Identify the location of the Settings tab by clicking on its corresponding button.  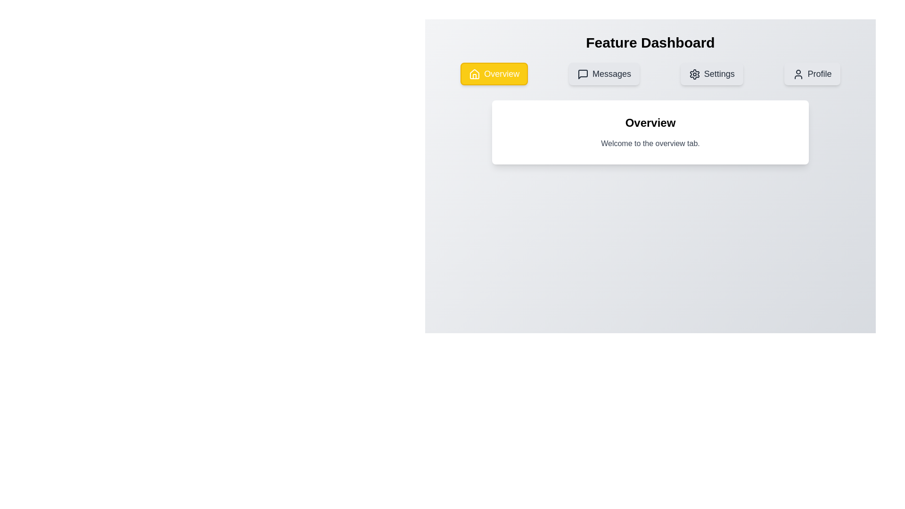
(712, 74).